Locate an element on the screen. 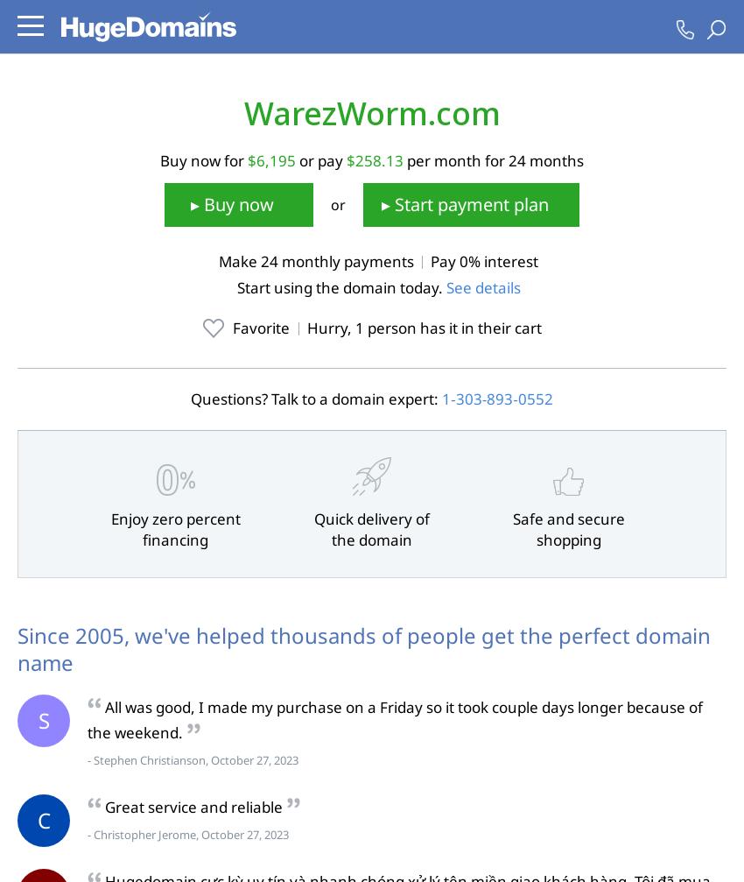  'per month for 24 months' is located at coordinates (493, 159).